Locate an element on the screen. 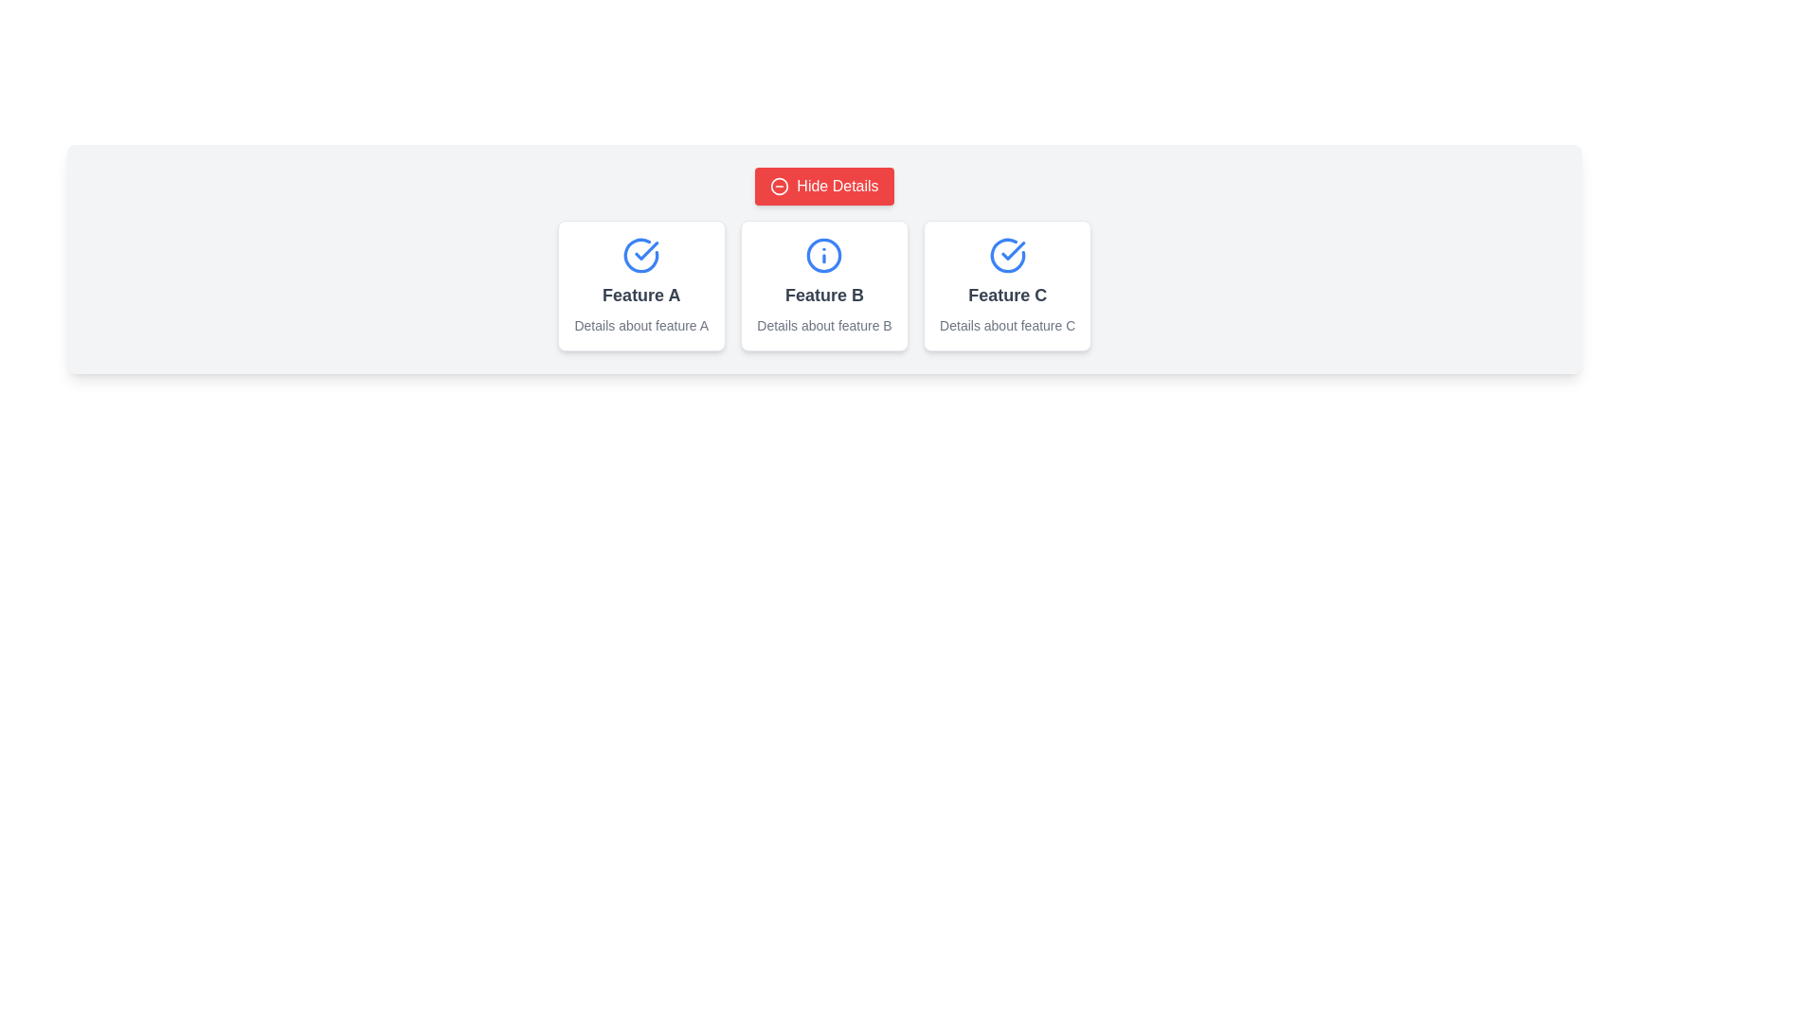  the second card component labeled 'Feature B' in the grid layout is located at coordinates (824, 285).